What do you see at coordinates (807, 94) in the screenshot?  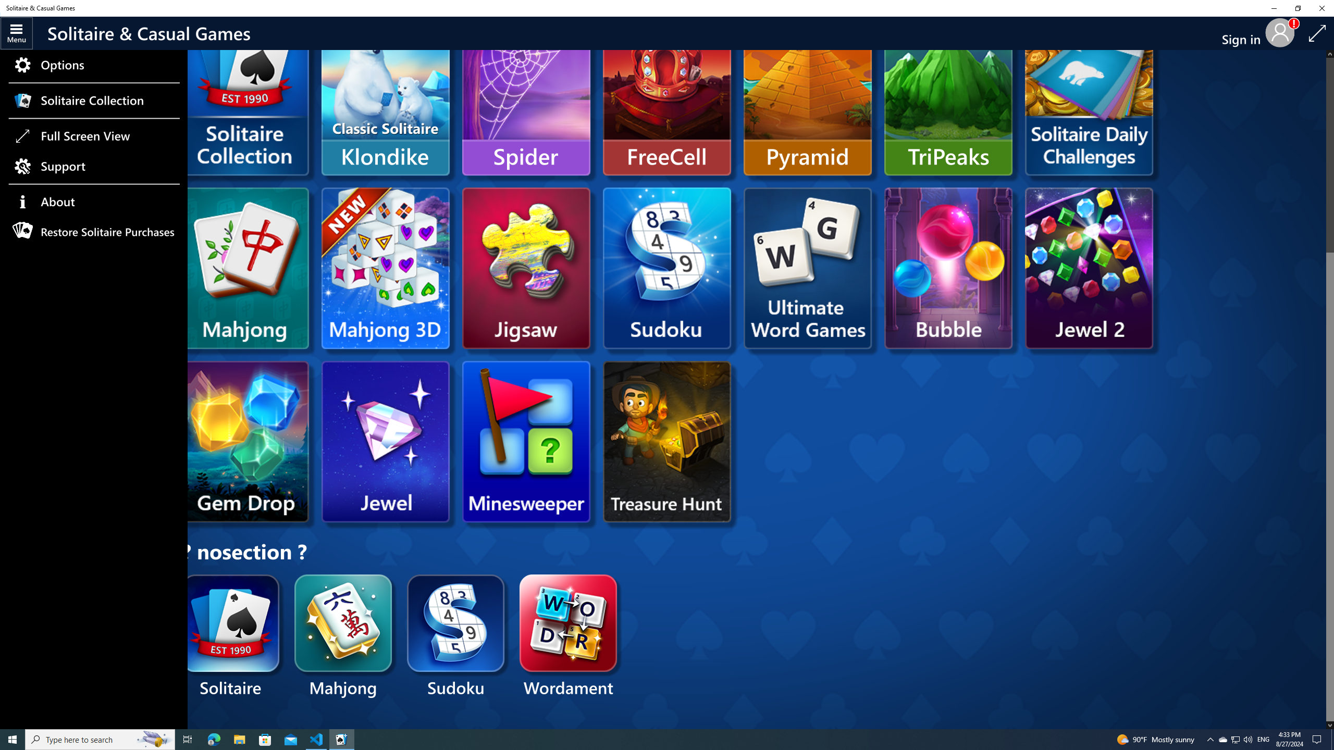 I see `'Pyramid'` at bounding box center [807, 94].